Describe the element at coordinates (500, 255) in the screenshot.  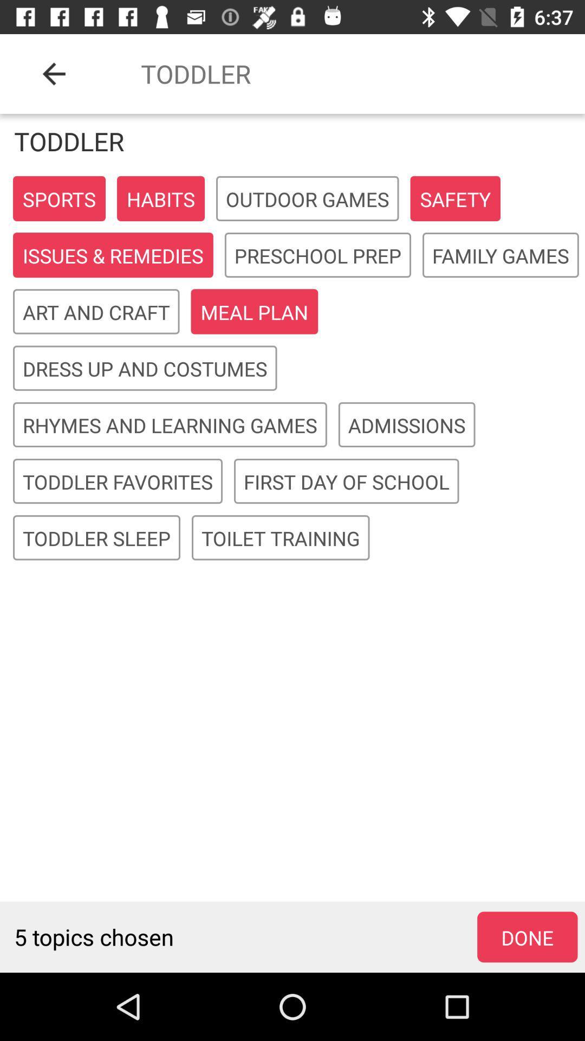
I see `the icon to the right of the preschool prep item` at that location.